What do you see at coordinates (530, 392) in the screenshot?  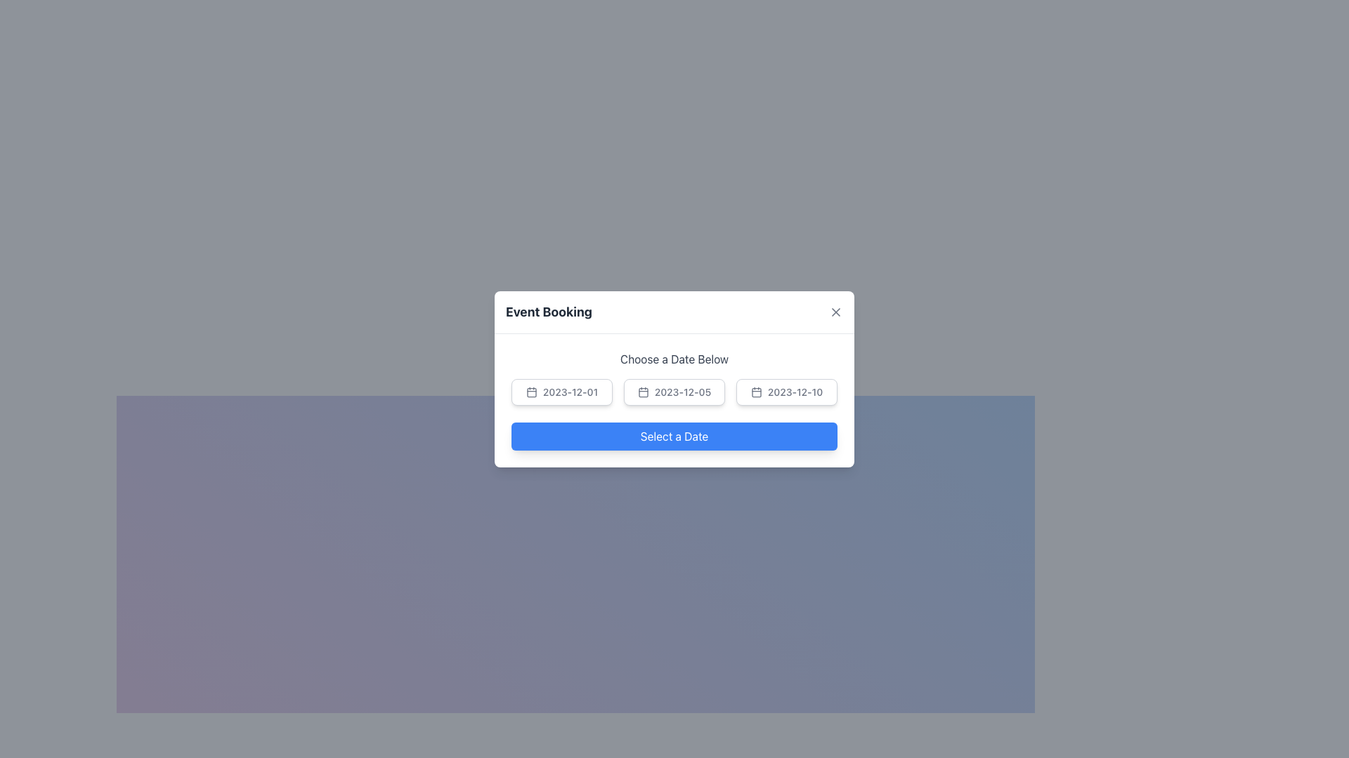 I see `the calendar icon located to the left of the date label '2023-12-01' in the Event Booking dialog` at bounding box center [530, 392].